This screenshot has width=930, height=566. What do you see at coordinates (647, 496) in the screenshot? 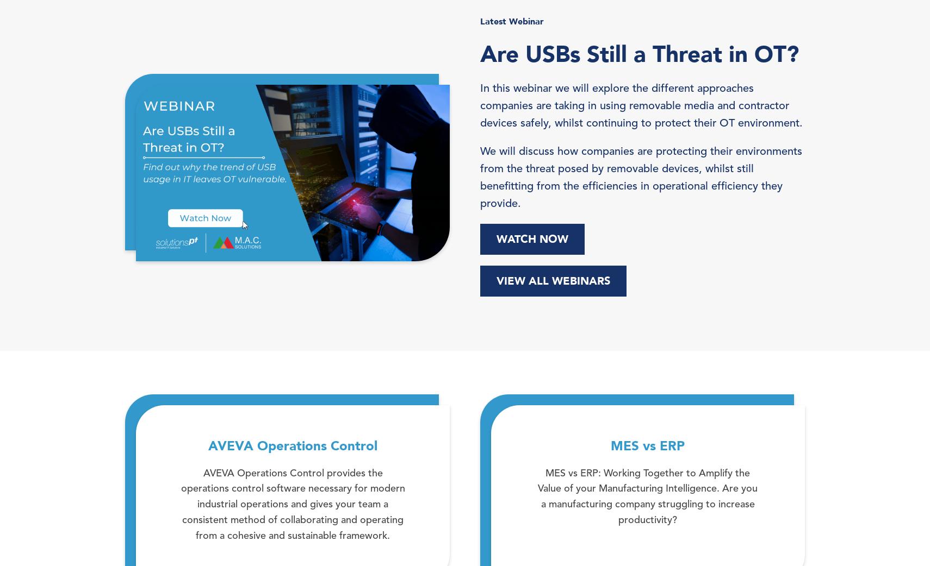
I see `'MES vs ERP: Working Together to Amplify the Value of your Manufacturing Intelligence. Are you a manufacturing company struggling to increase productivity?'` at bounding box center [647, 496].